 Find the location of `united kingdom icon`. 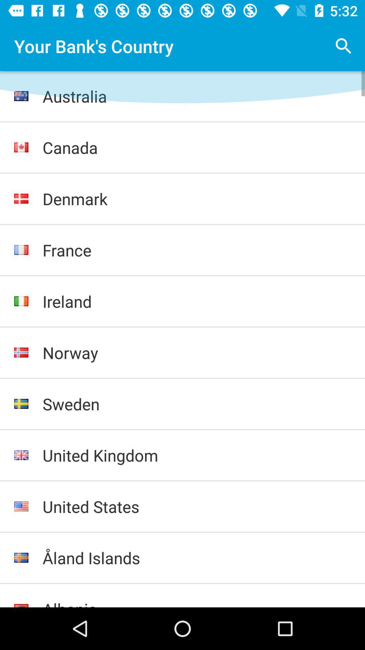

united kingdom icon is located at coordinates (197, 455).